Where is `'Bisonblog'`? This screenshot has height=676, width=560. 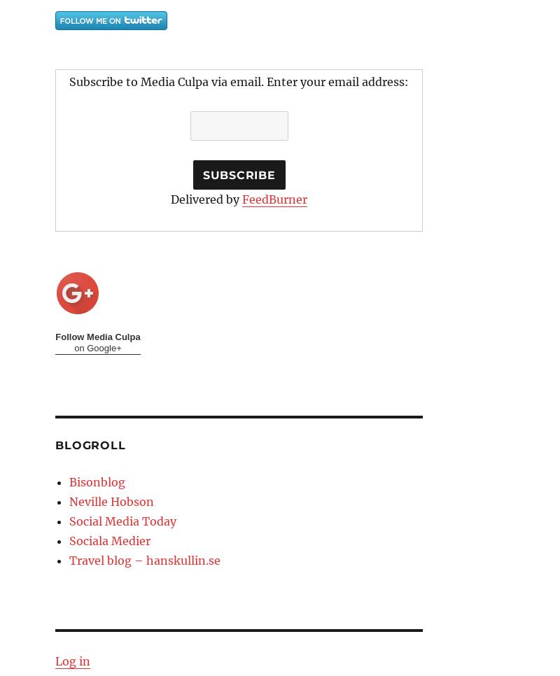
'Bisonblog' is located at coordinates (97, 482).